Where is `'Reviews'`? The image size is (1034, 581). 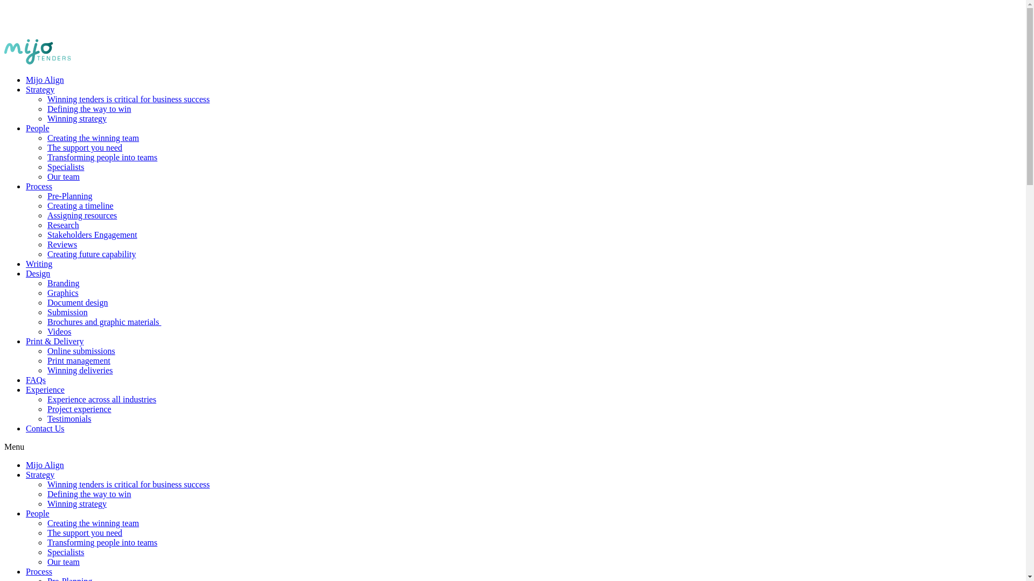
'Reviews' is located at coordinates (61, 244).